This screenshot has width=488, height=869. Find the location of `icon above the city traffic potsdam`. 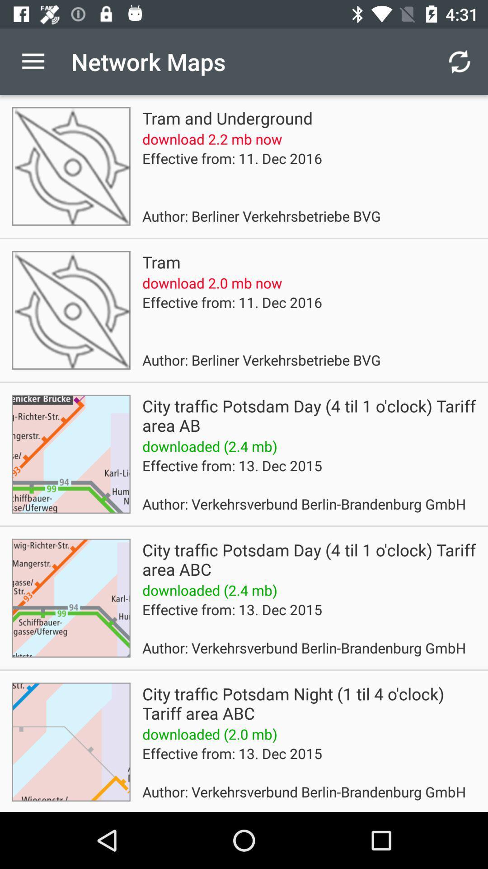

icon above the city traffic potsdam is located at coordinates (460, 61).